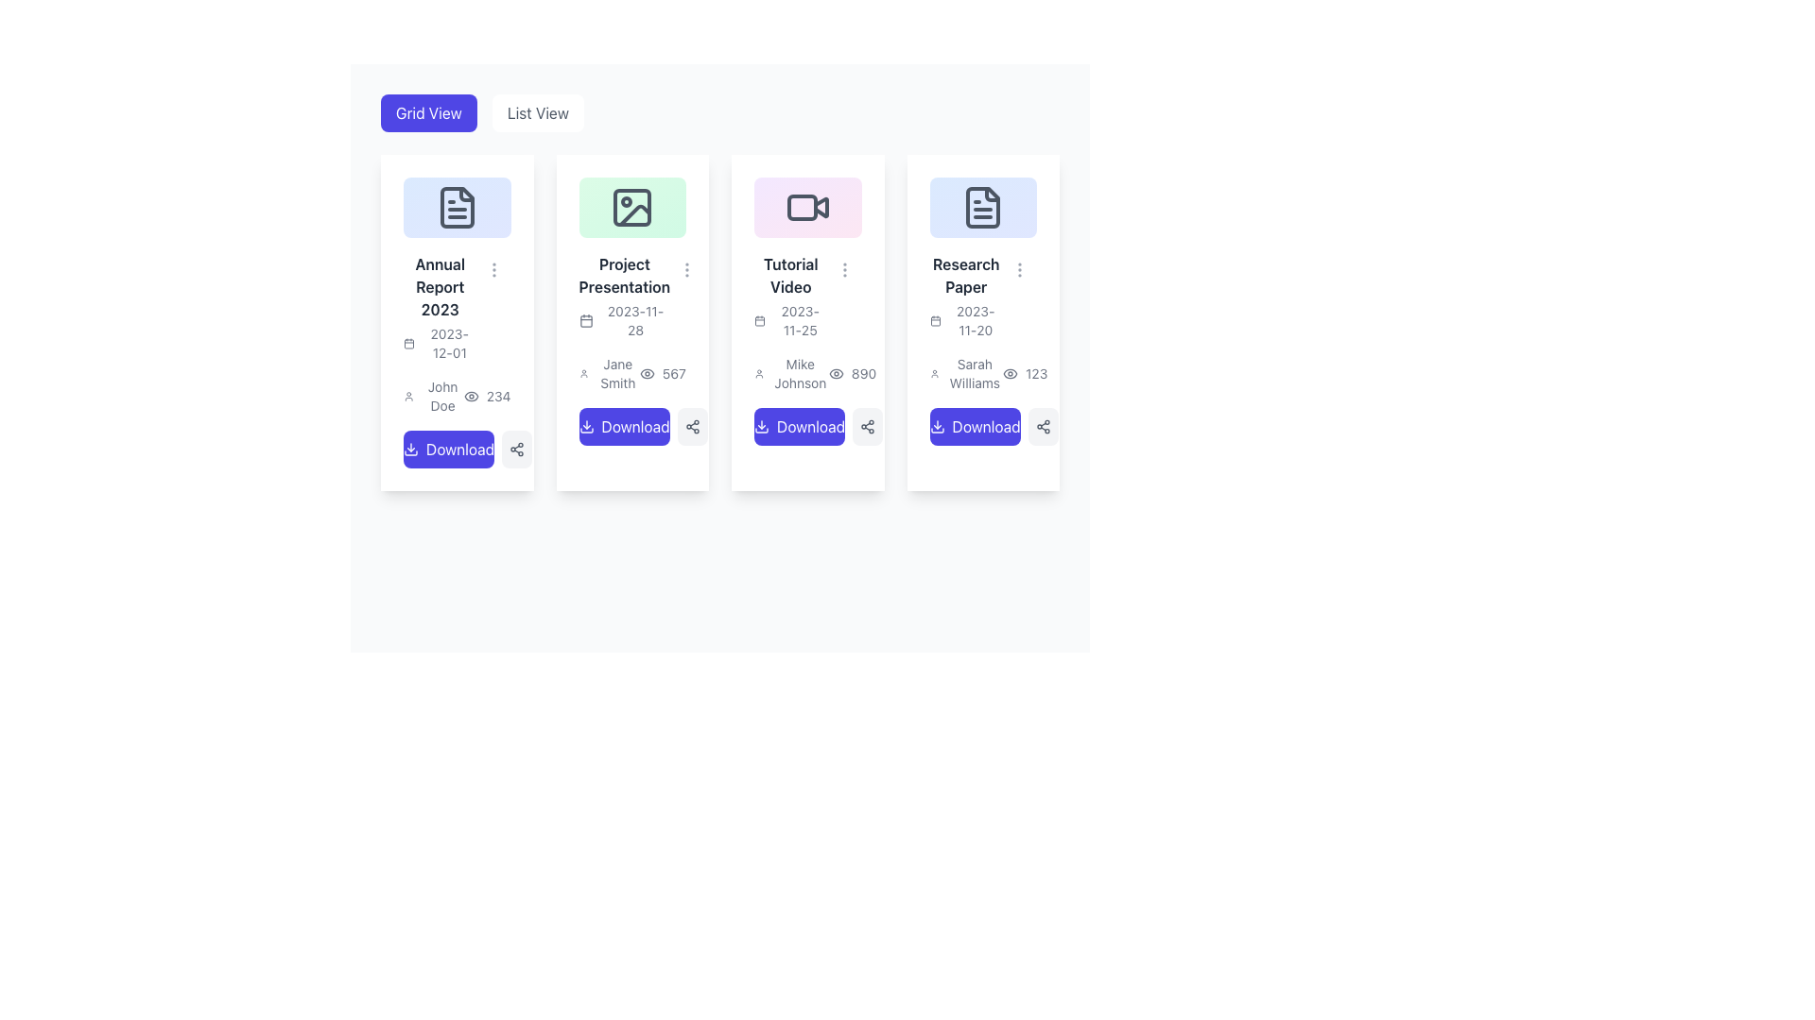 The width and height of the screenshot is (1815, 1020). I want to click on the text label 'Mike Johnson' that identifies the user associated with the 'Tutorial Video' card, located at the lower-left section of the card, below the user icon and to the left of the number '890', so click(800, 373).